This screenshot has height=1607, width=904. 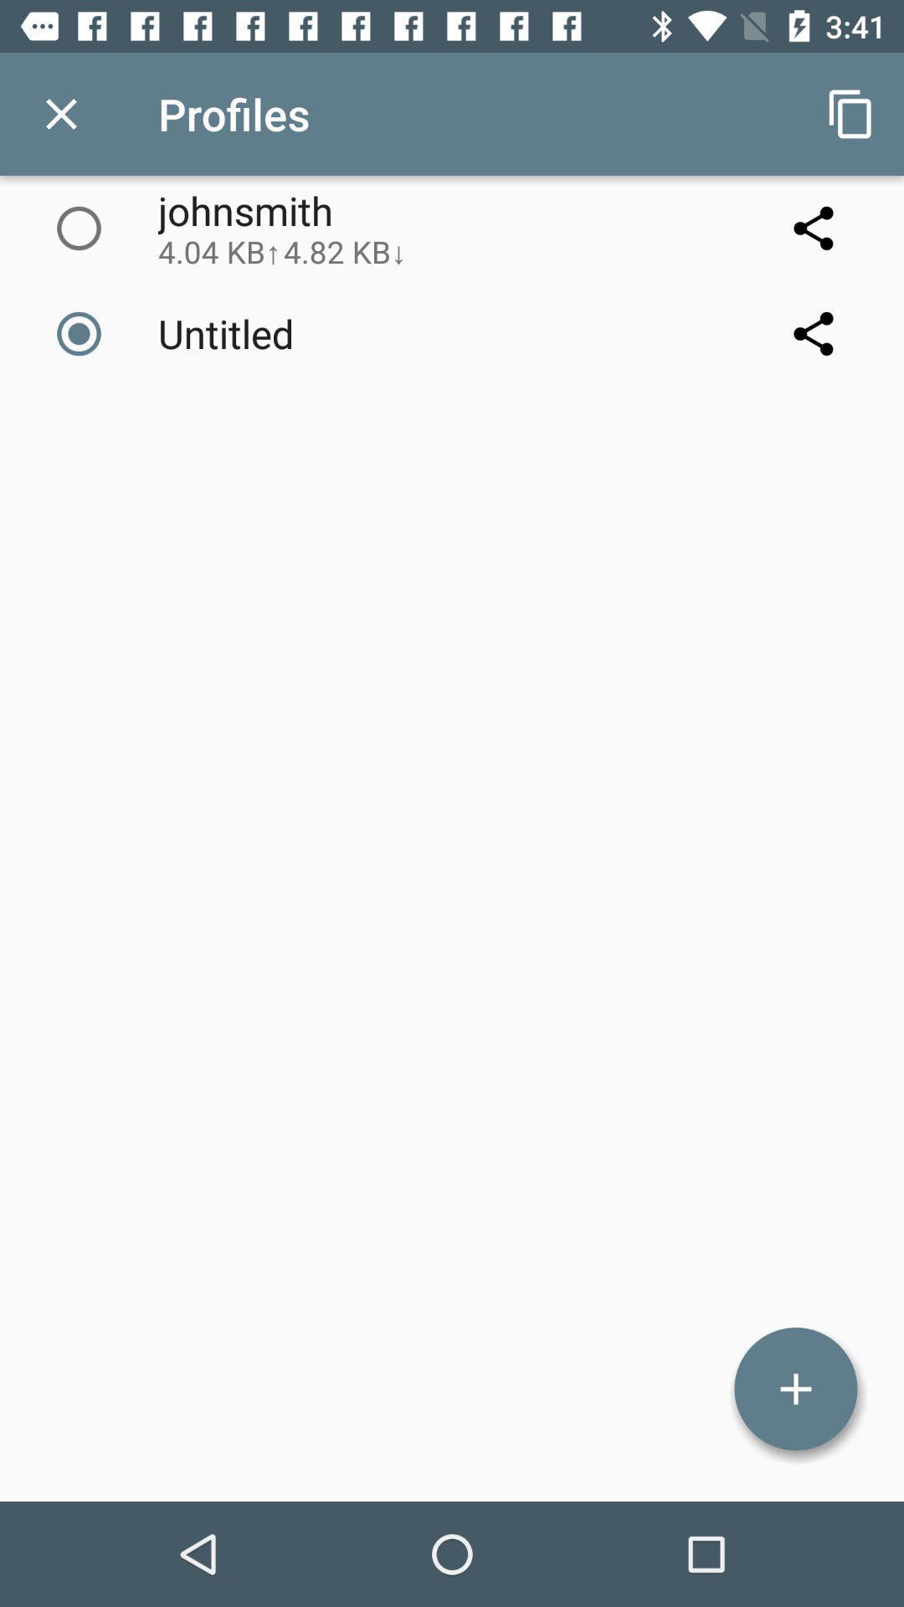 What do you see at coordinates (795, 1389) in the screenshot?
I see `advertisement` at bounding box center [795, 1389].